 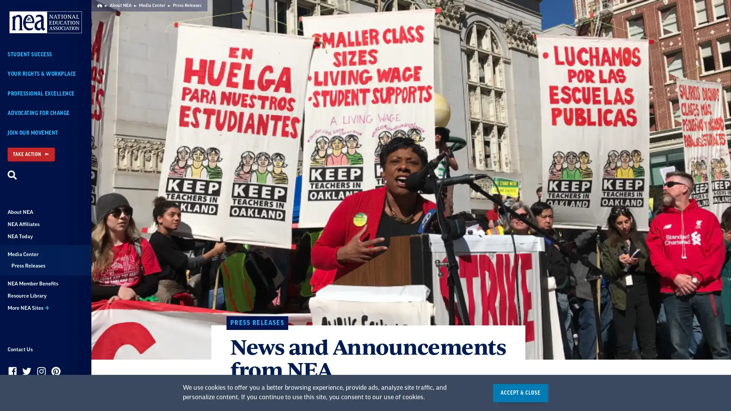 What do you see at coordinates (520, 393) in the screenshot?
I see `ACCEPT & CLOSE` at bounding box center [520, 393].